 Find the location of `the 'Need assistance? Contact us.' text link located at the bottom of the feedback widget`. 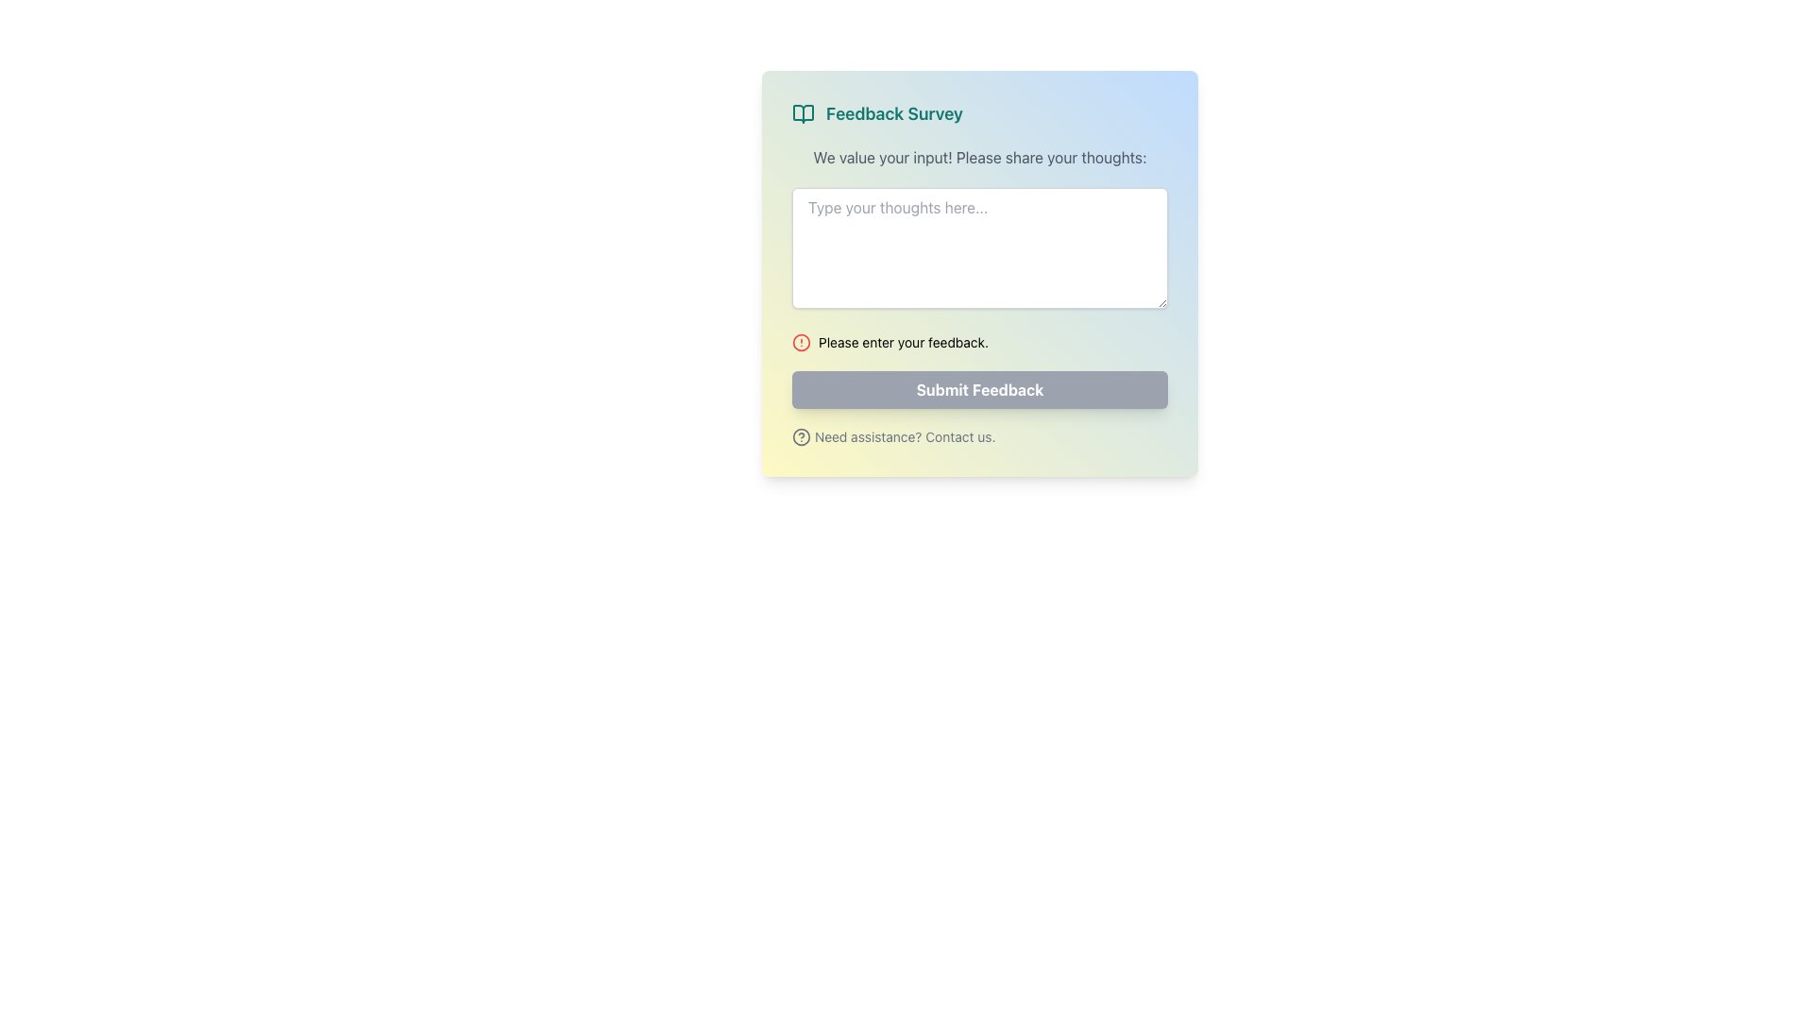

the 'Need assistance? Contact us.' text link located at the bottom of the feedback widget is located at coordinates (979, 436).